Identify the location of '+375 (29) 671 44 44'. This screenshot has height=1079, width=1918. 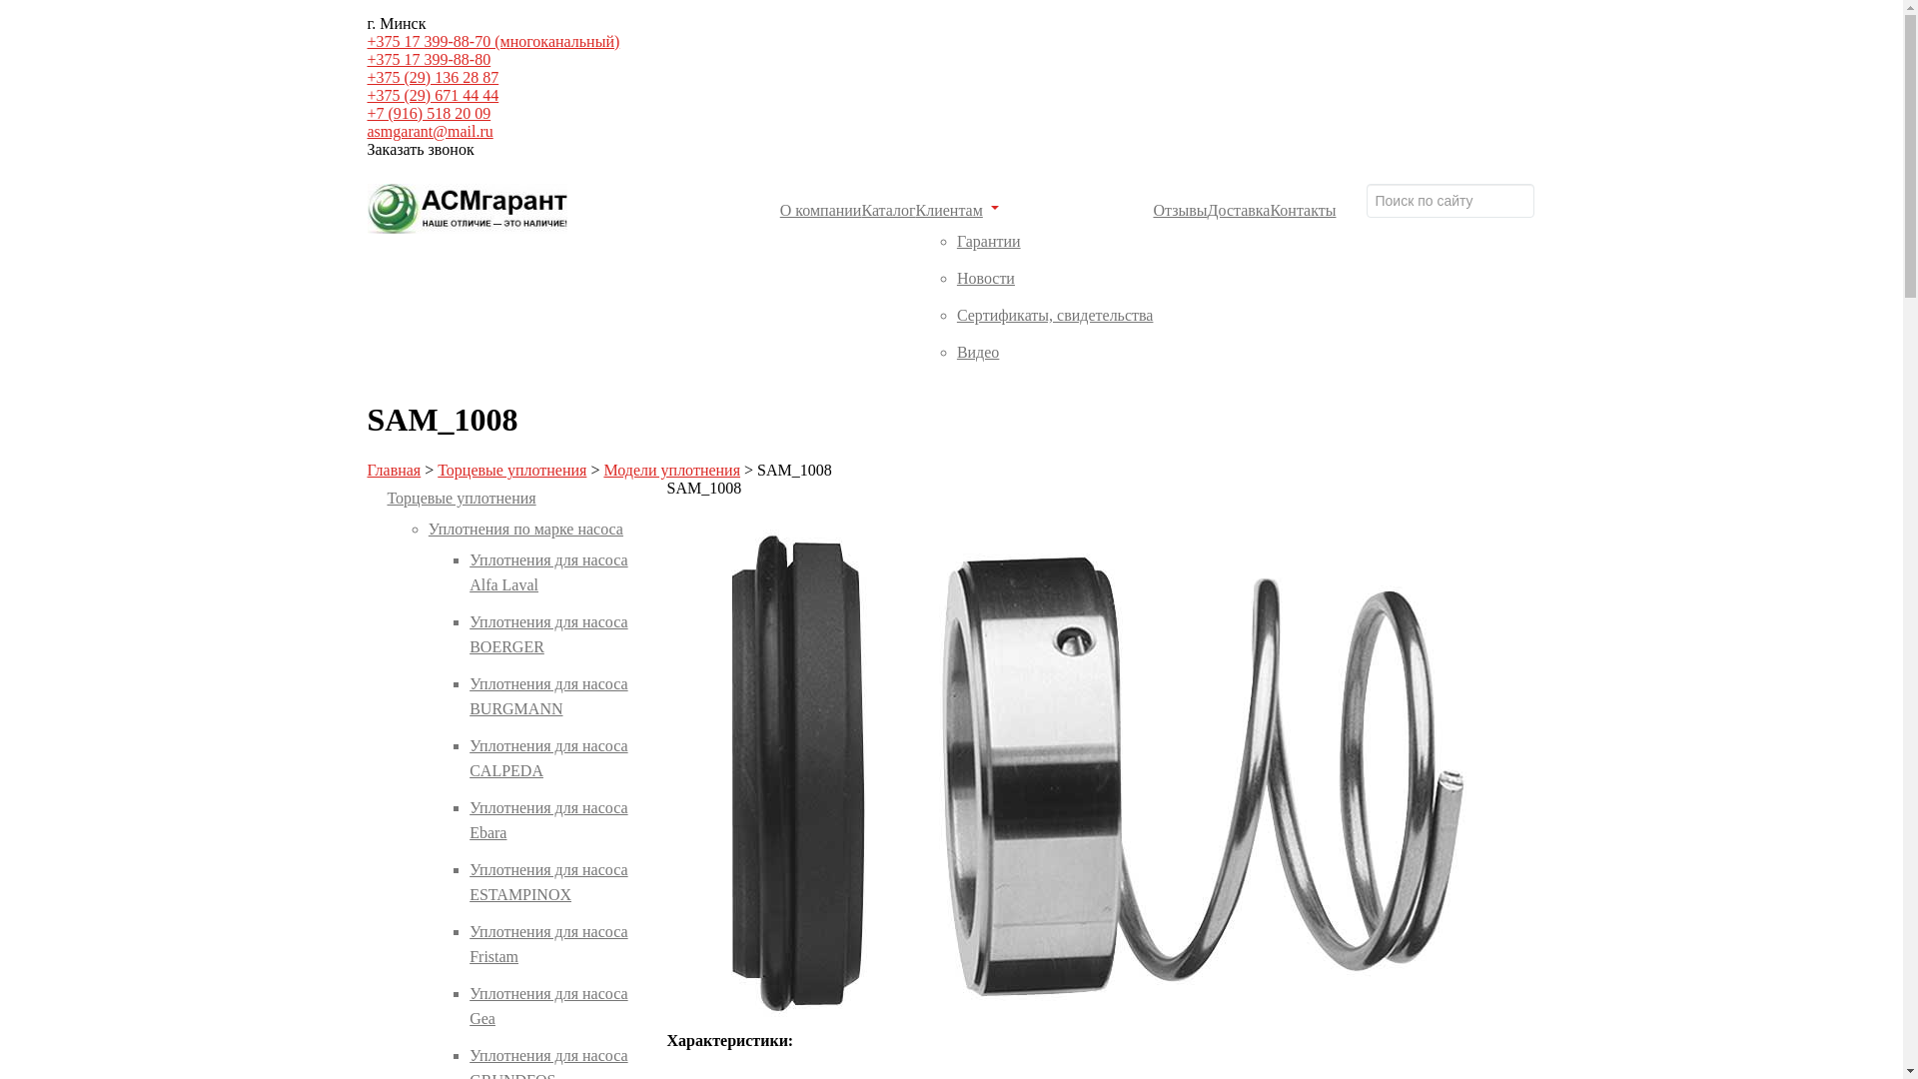
(432, 95).